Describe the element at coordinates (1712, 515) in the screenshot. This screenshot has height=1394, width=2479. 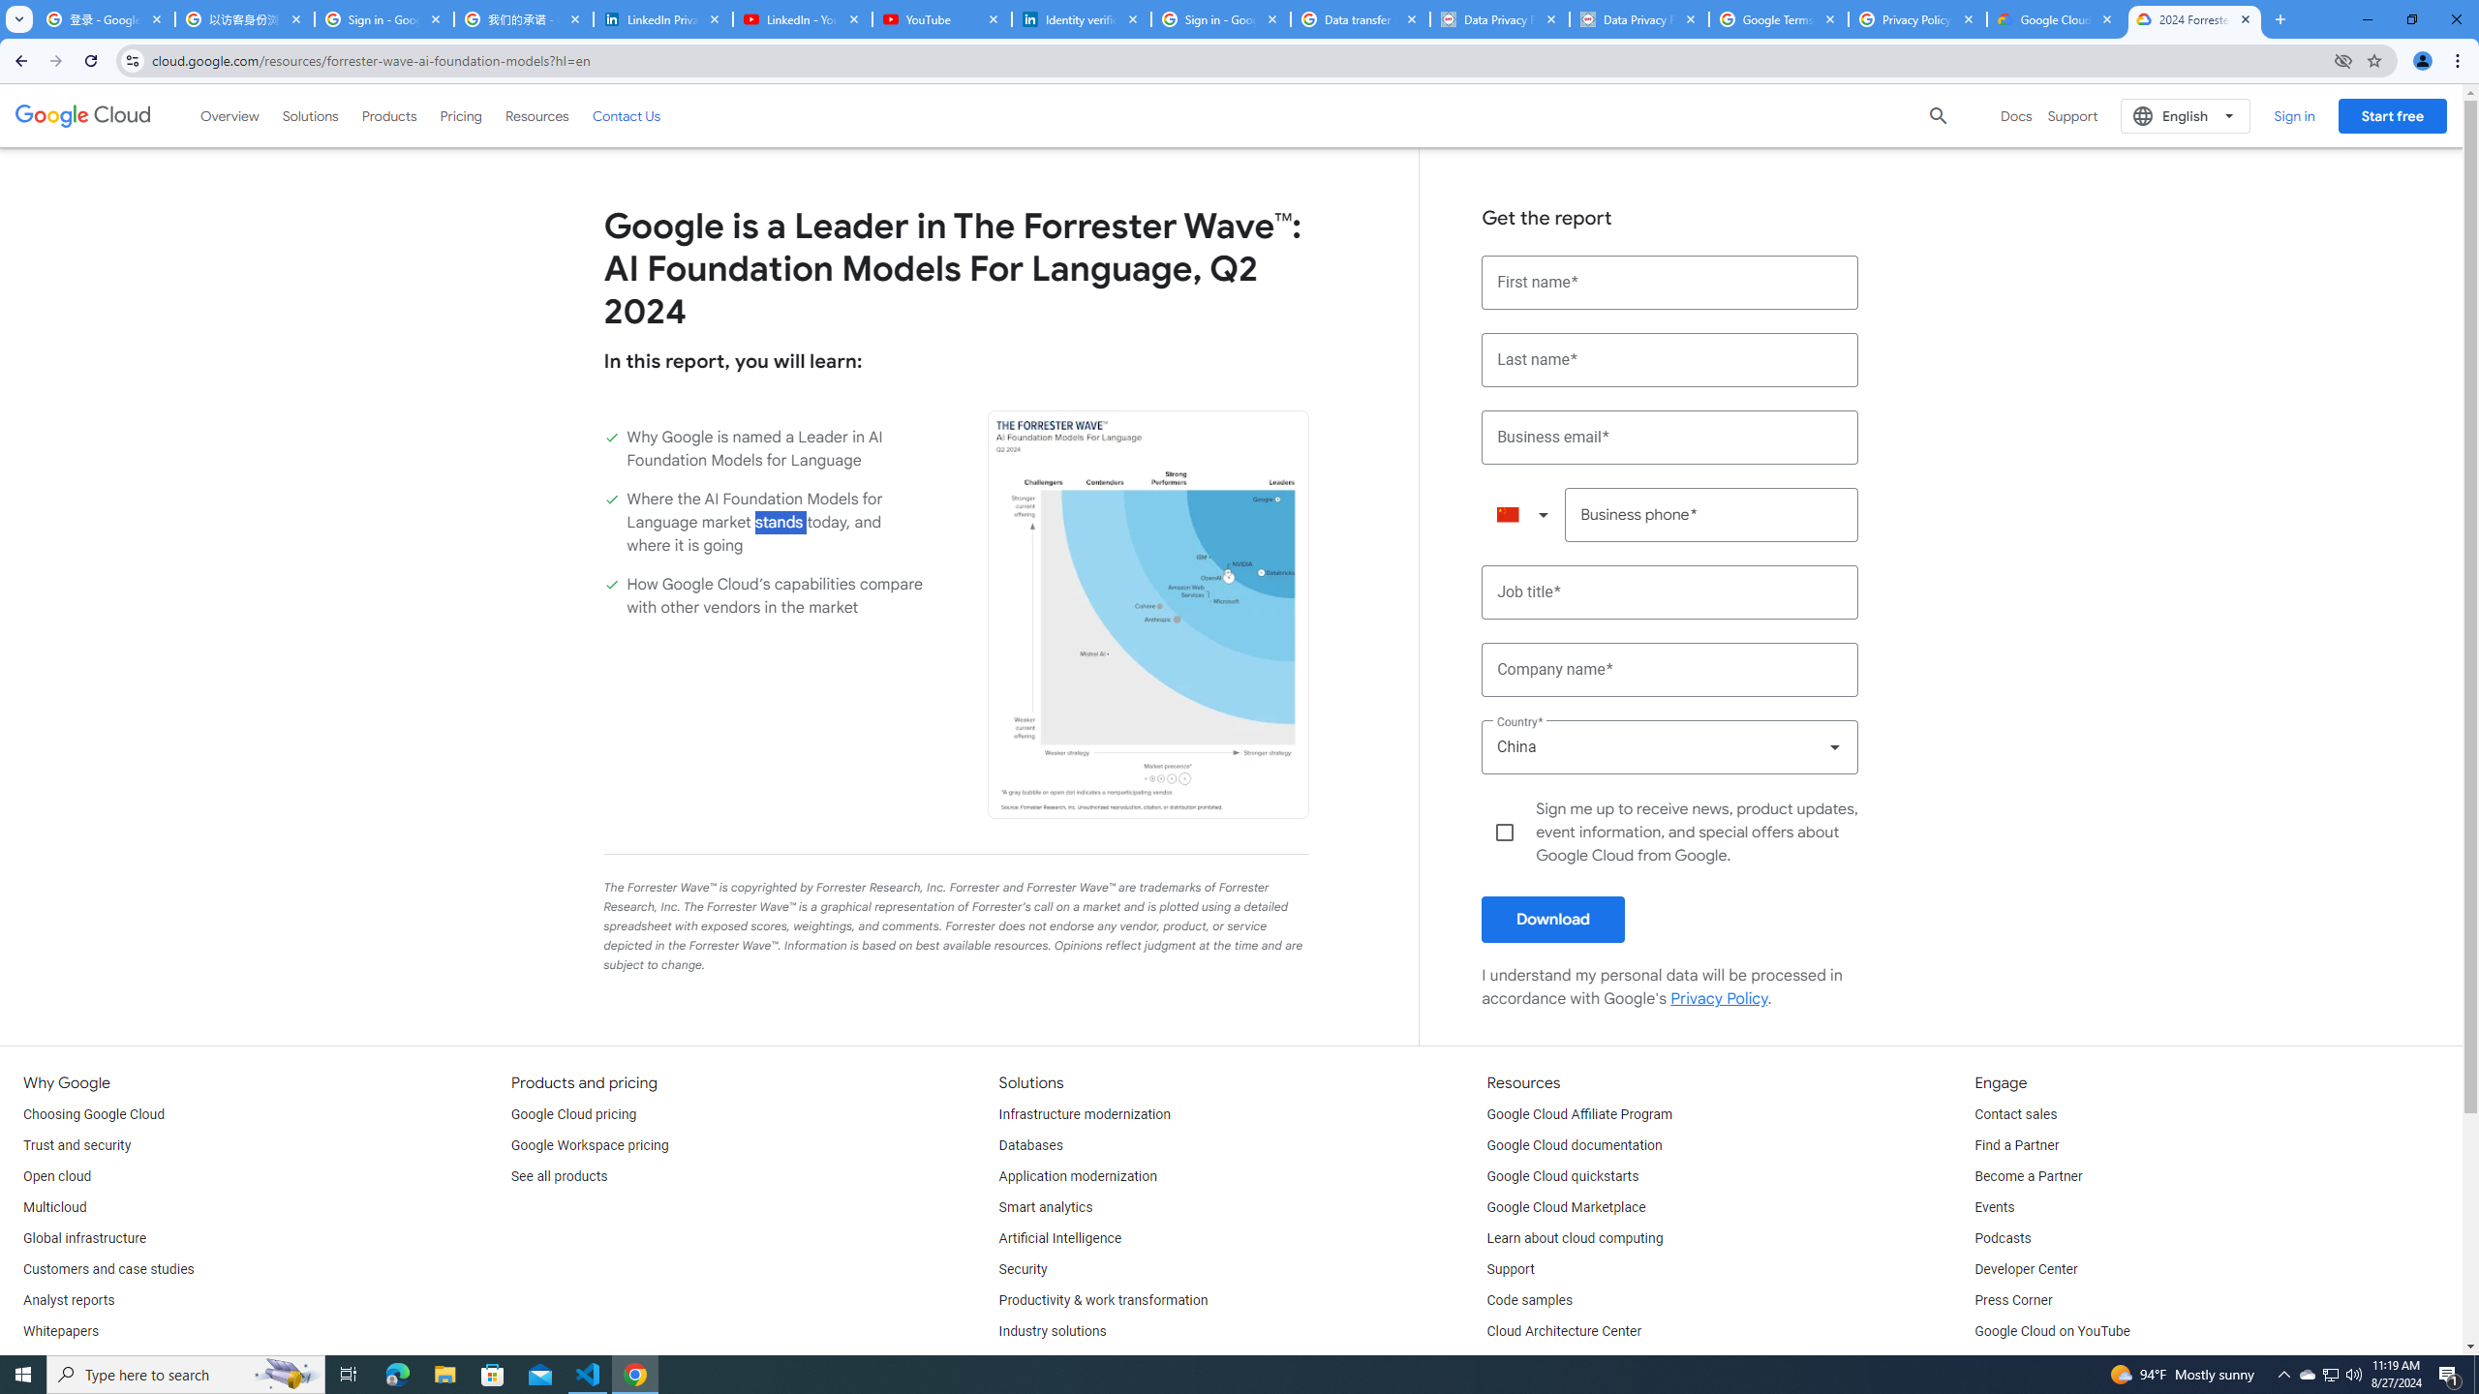
I see `'Business phone*'` at that location.